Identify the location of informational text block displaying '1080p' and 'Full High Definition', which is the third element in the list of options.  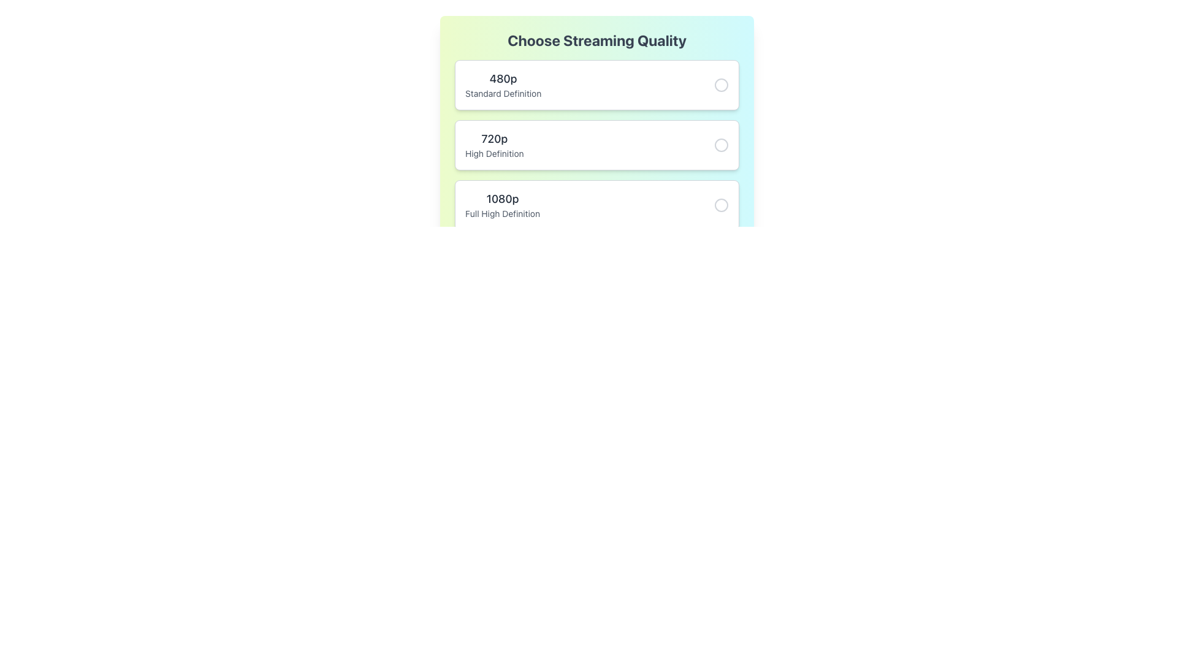
(503, 205).